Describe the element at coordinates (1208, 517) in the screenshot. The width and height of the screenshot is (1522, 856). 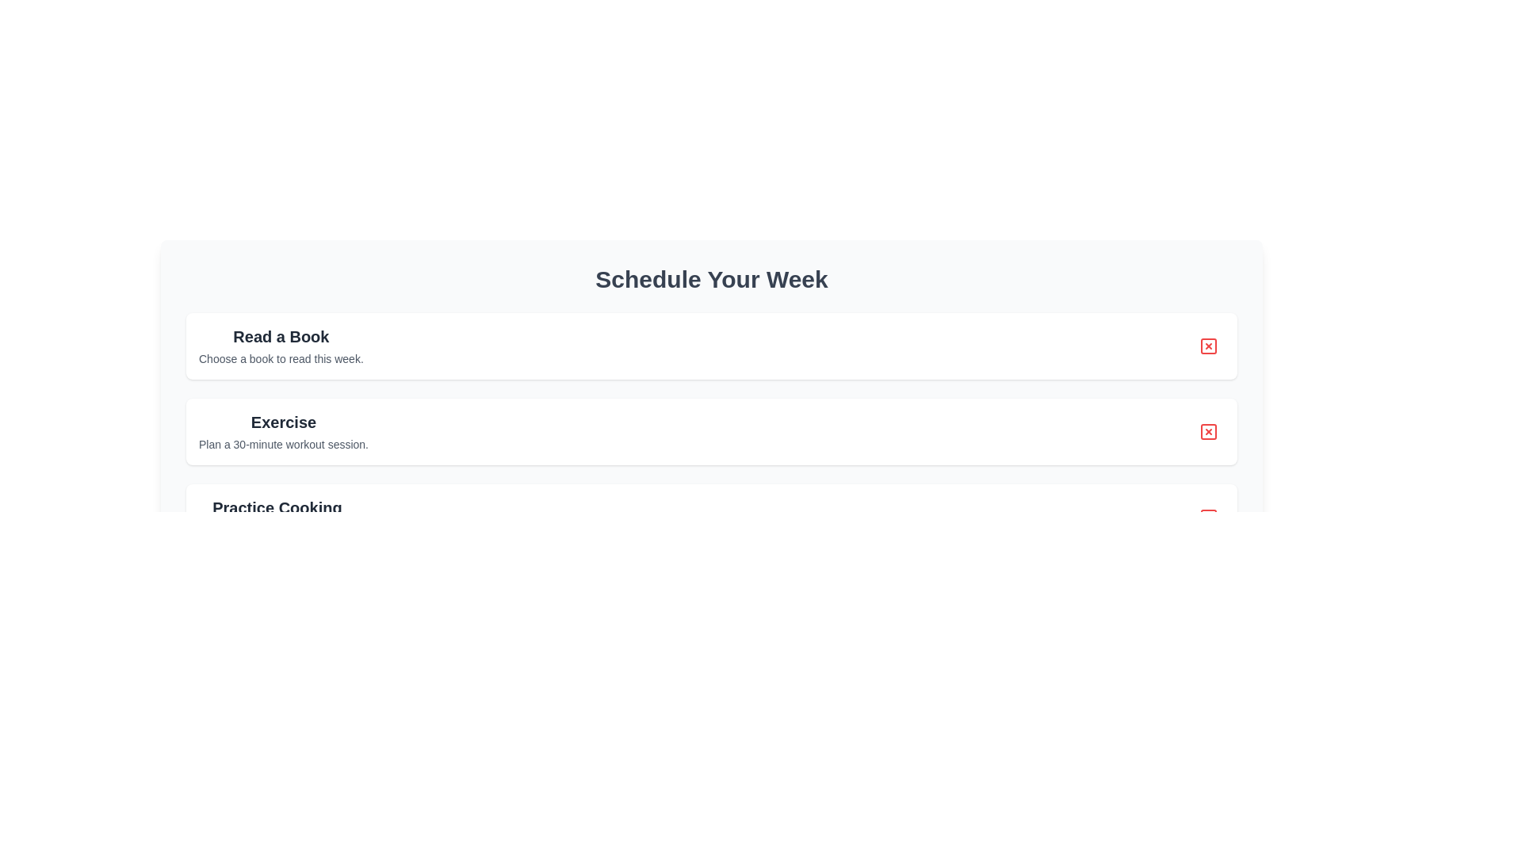
I see `the red 'X' icon button corresponding to the 'Practice Cooking' task item` at that location.